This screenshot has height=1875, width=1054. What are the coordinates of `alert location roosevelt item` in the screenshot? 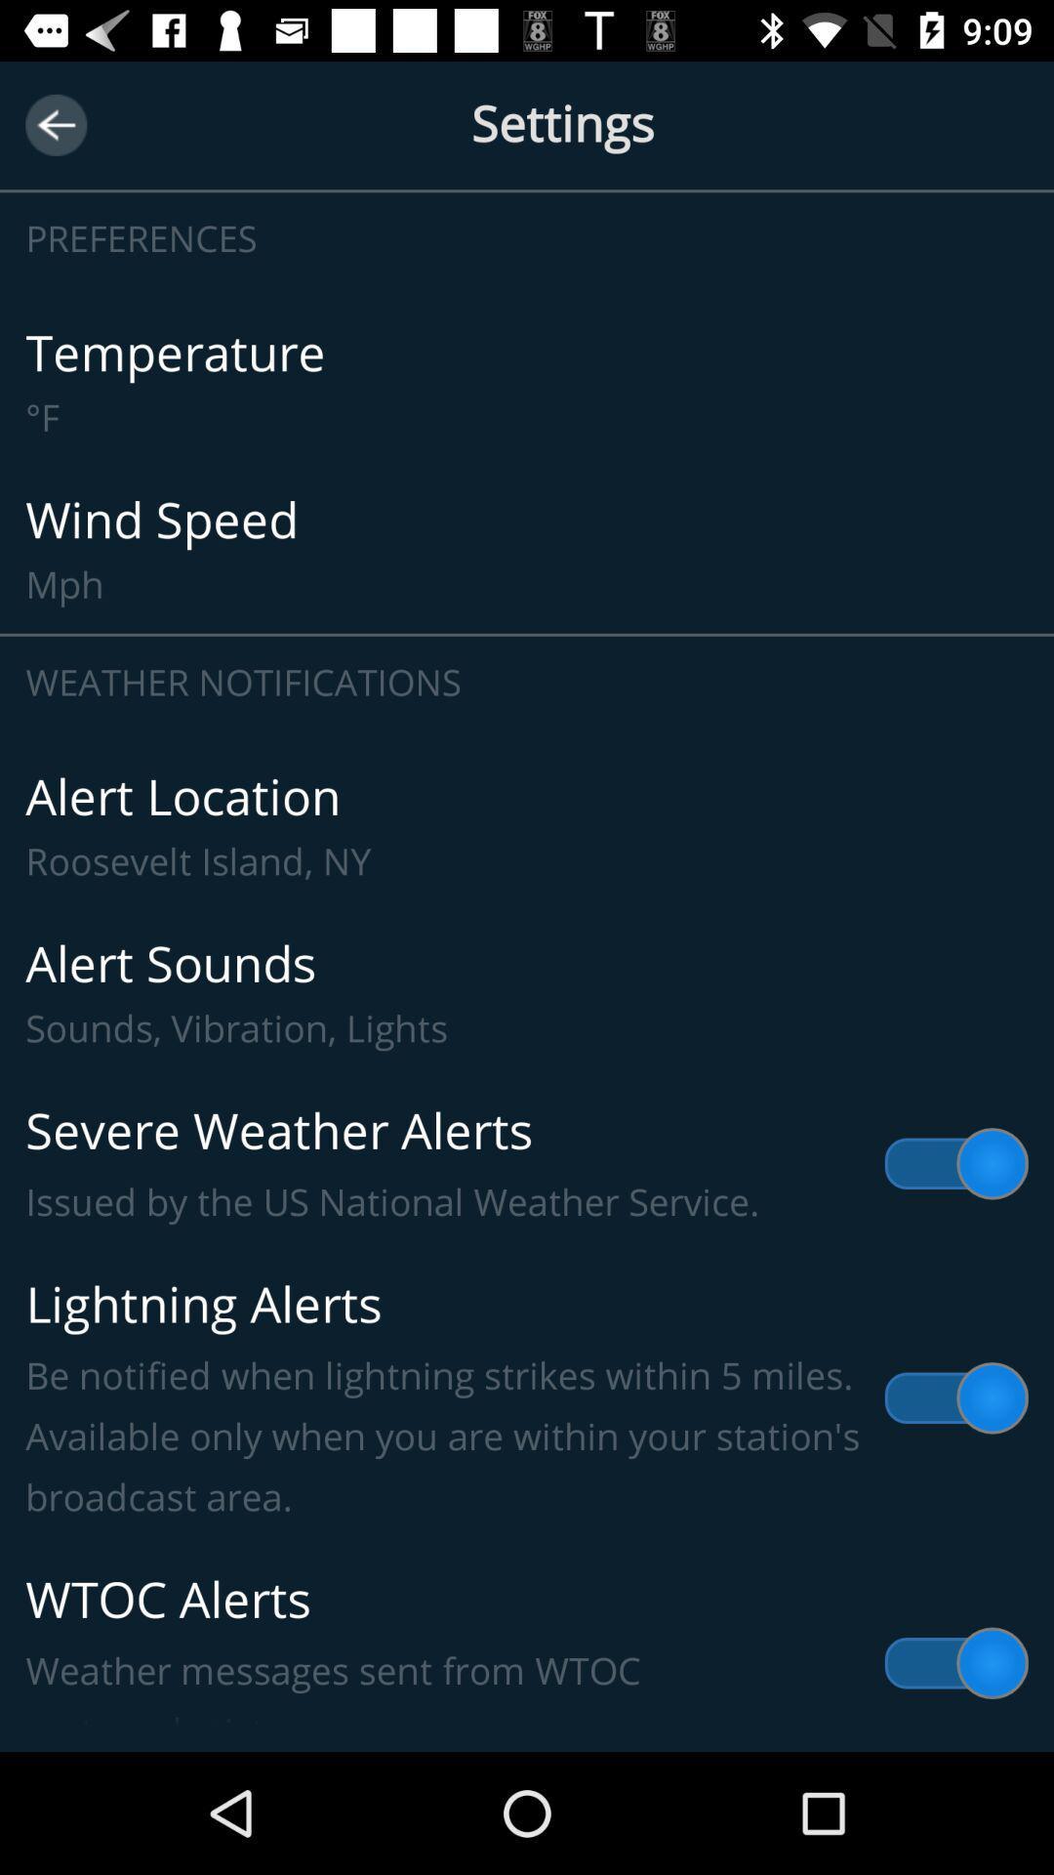 It's located at (527, 826).